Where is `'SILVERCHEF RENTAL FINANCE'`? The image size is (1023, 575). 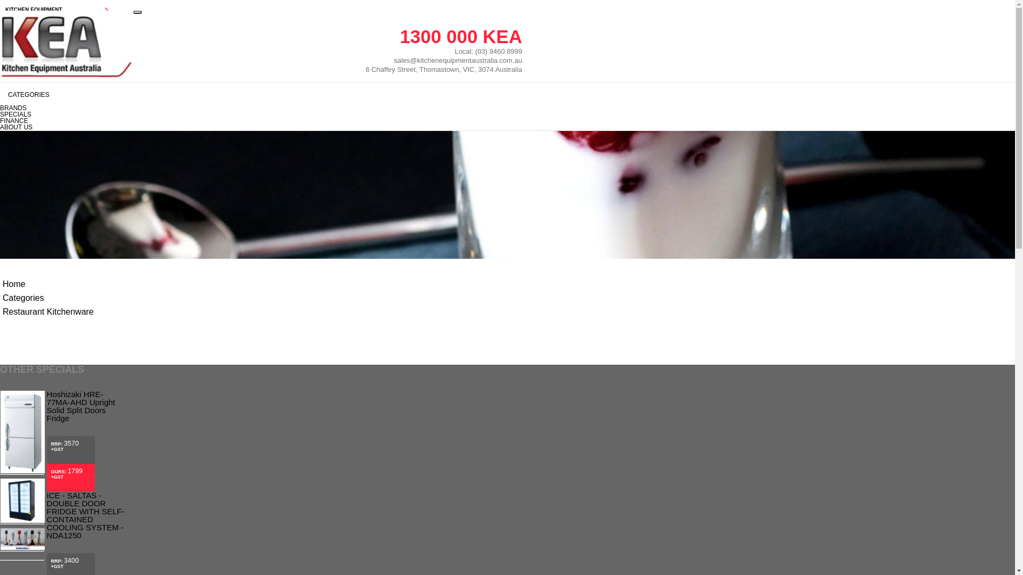 'SILVERCHEF RENTAL FINANCE' is located at coordinates (58, 364).